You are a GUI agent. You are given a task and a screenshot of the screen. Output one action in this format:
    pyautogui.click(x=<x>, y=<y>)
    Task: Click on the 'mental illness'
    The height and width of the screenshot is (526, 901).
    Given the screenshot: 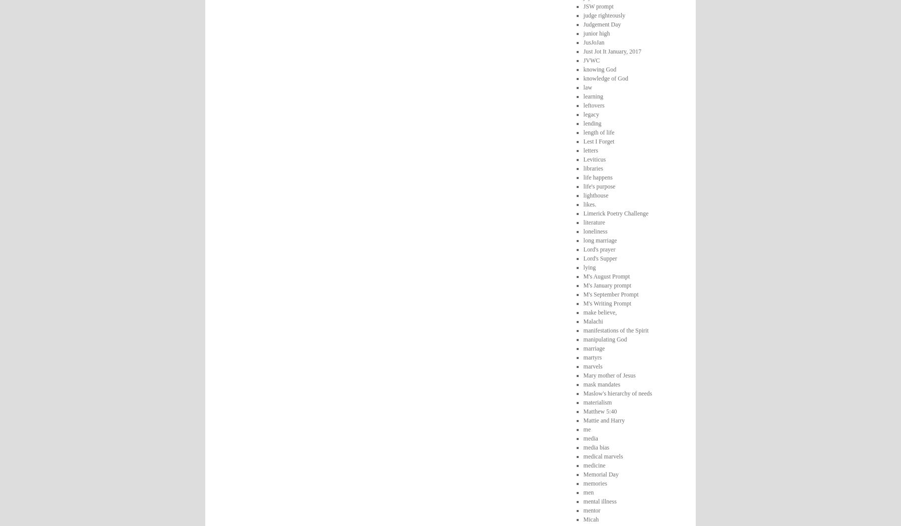 What is the action you would take?
    pyautogui.click(x=599, y=501)
    